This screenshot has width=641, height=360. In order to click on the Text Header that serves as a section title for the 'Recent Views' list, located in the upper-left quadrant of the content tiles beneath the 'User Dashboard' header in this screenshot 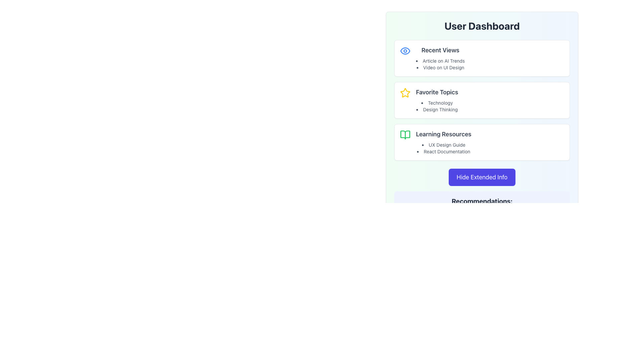, I will do `click(440, 50)`.